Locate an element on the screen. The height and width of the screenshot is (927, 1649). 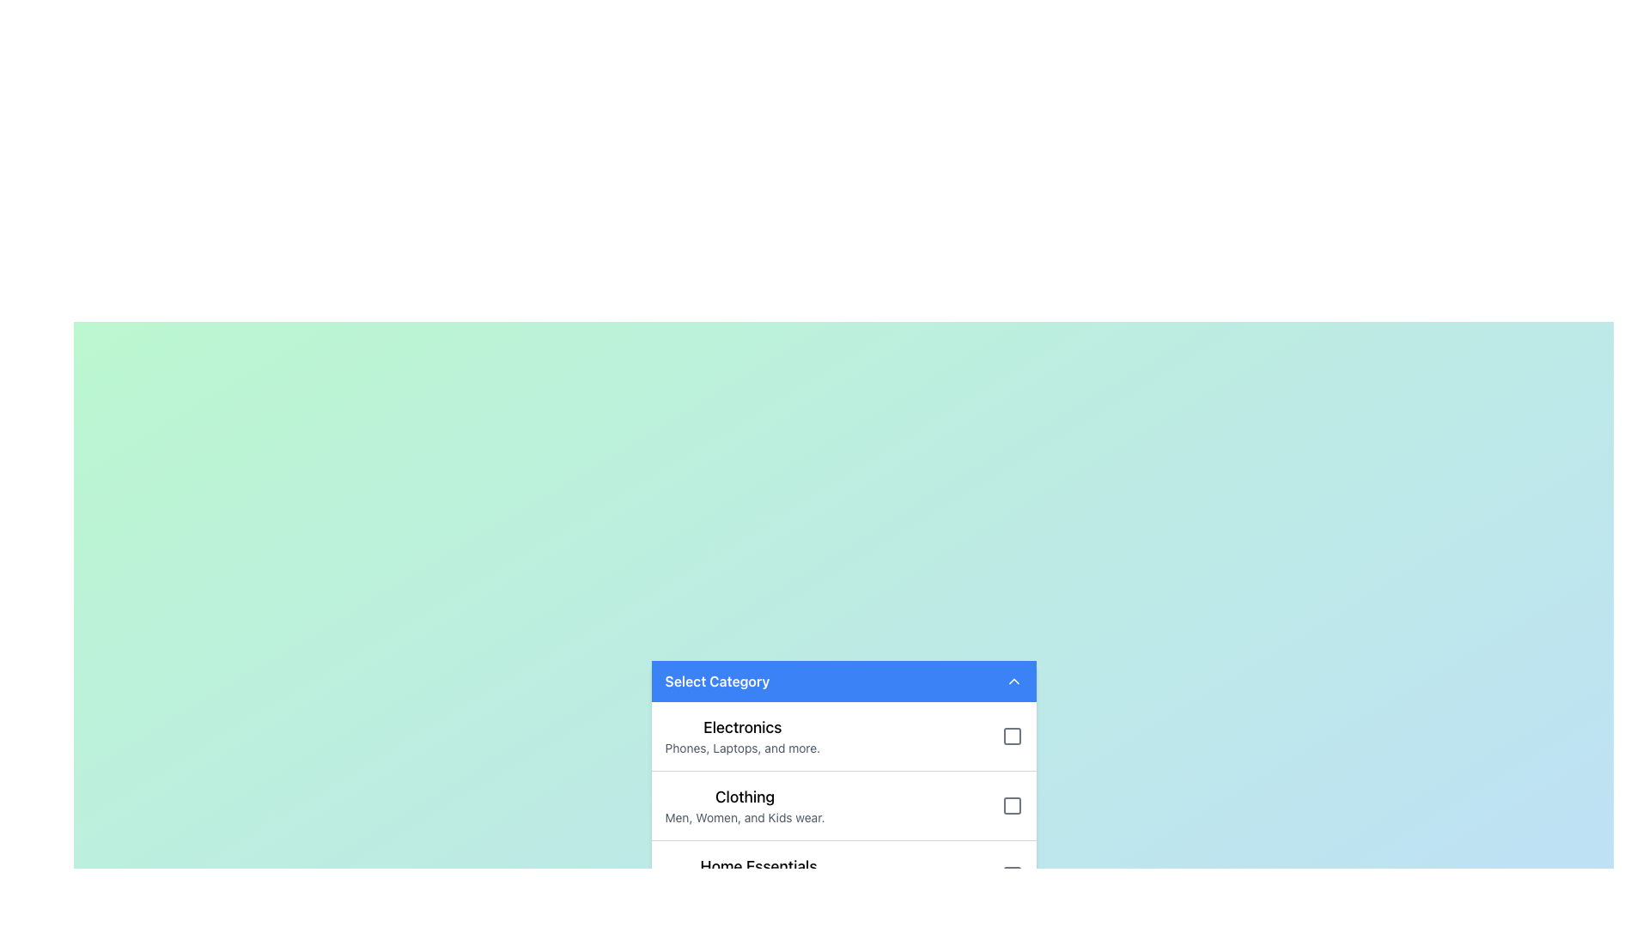
the Chevron icon indicator located to the far right of the blue header bar labeled 'Select Category' is located at coordinates (1013, 681).